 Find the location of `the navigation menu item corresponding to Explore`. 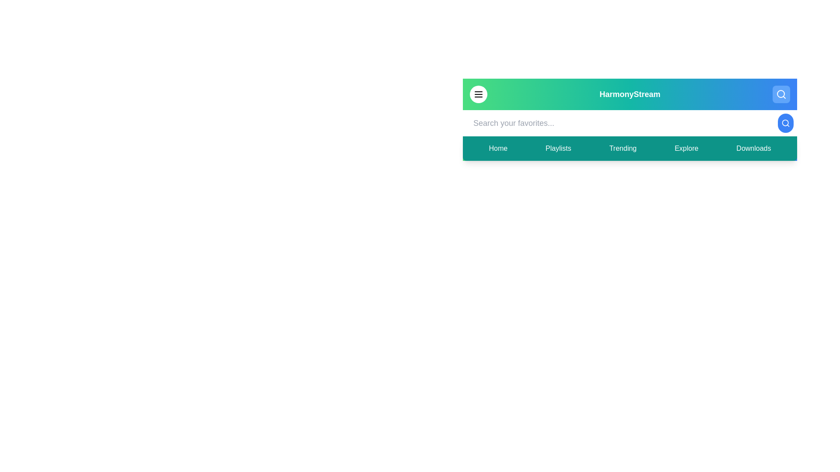

the navigation menu item corresponding to Explore is located at coordinates (686, 148).